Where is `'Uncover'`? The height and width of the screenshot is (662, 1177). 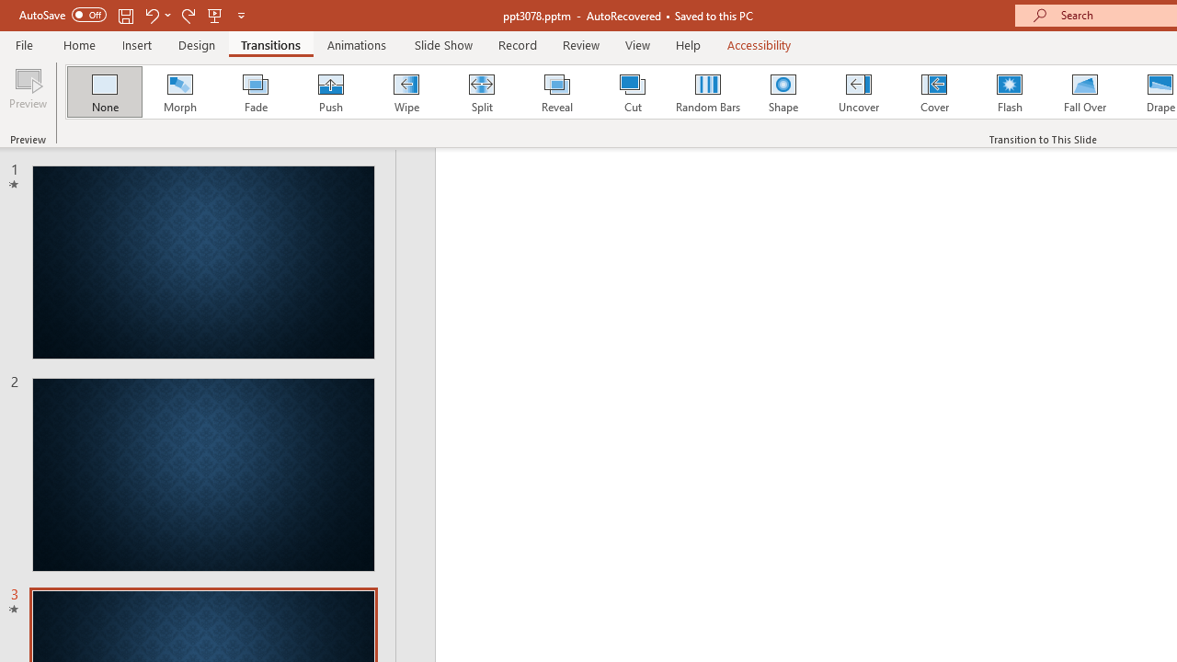 'Uncover' is located at coordinates (858, 92).